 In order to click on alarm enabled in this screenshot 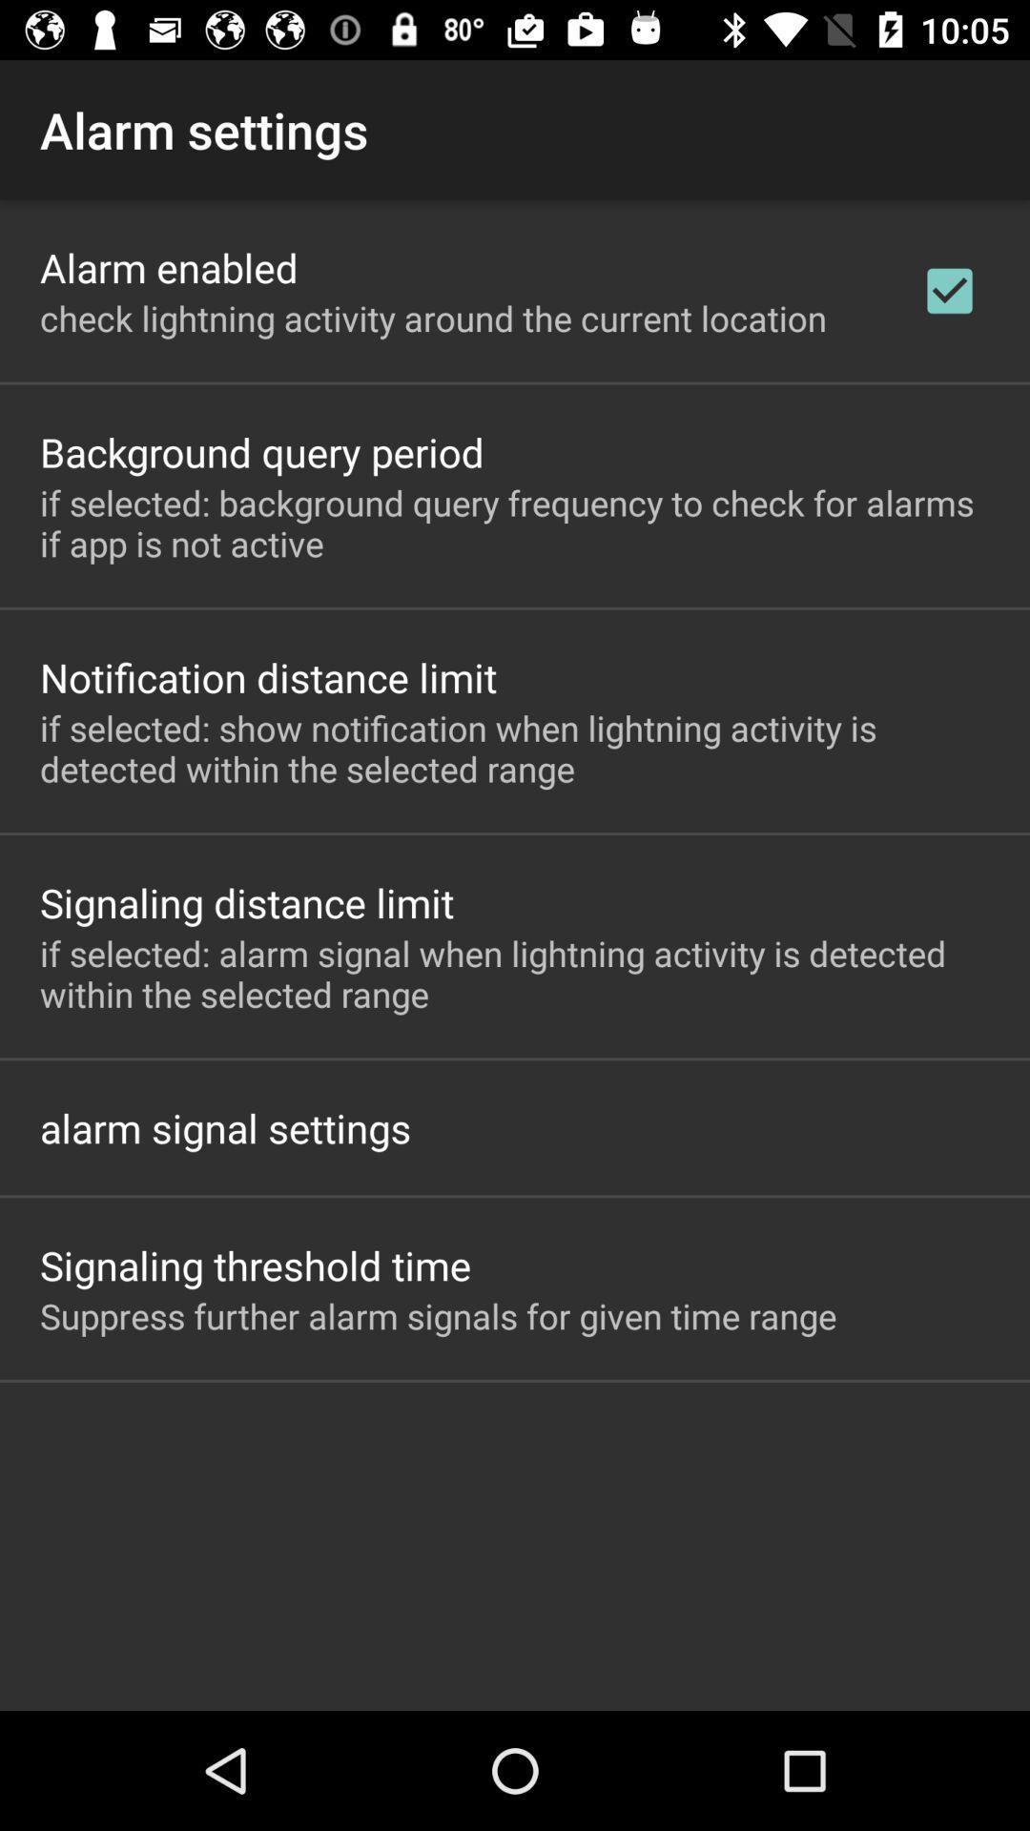, I will do `click(168, 266)`.